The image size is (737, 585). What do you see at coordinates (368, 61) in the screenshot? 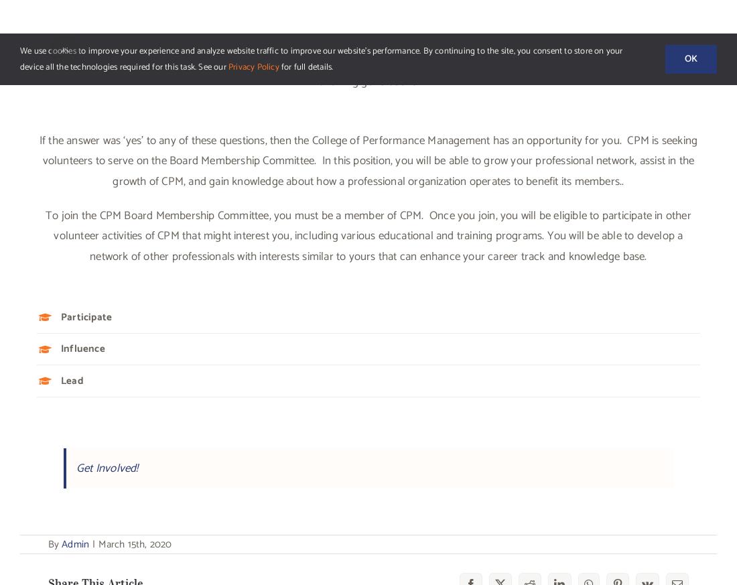
I see `'Do you want to expand your volunteer resume showing leadership or outside activities?  Are you ready to volunteer with a professional society? Need to find a new way to share the knowledge you have acquired in your career? Looking for a way to share knowledge for the following generations?'` at bounding box center [368, 61].